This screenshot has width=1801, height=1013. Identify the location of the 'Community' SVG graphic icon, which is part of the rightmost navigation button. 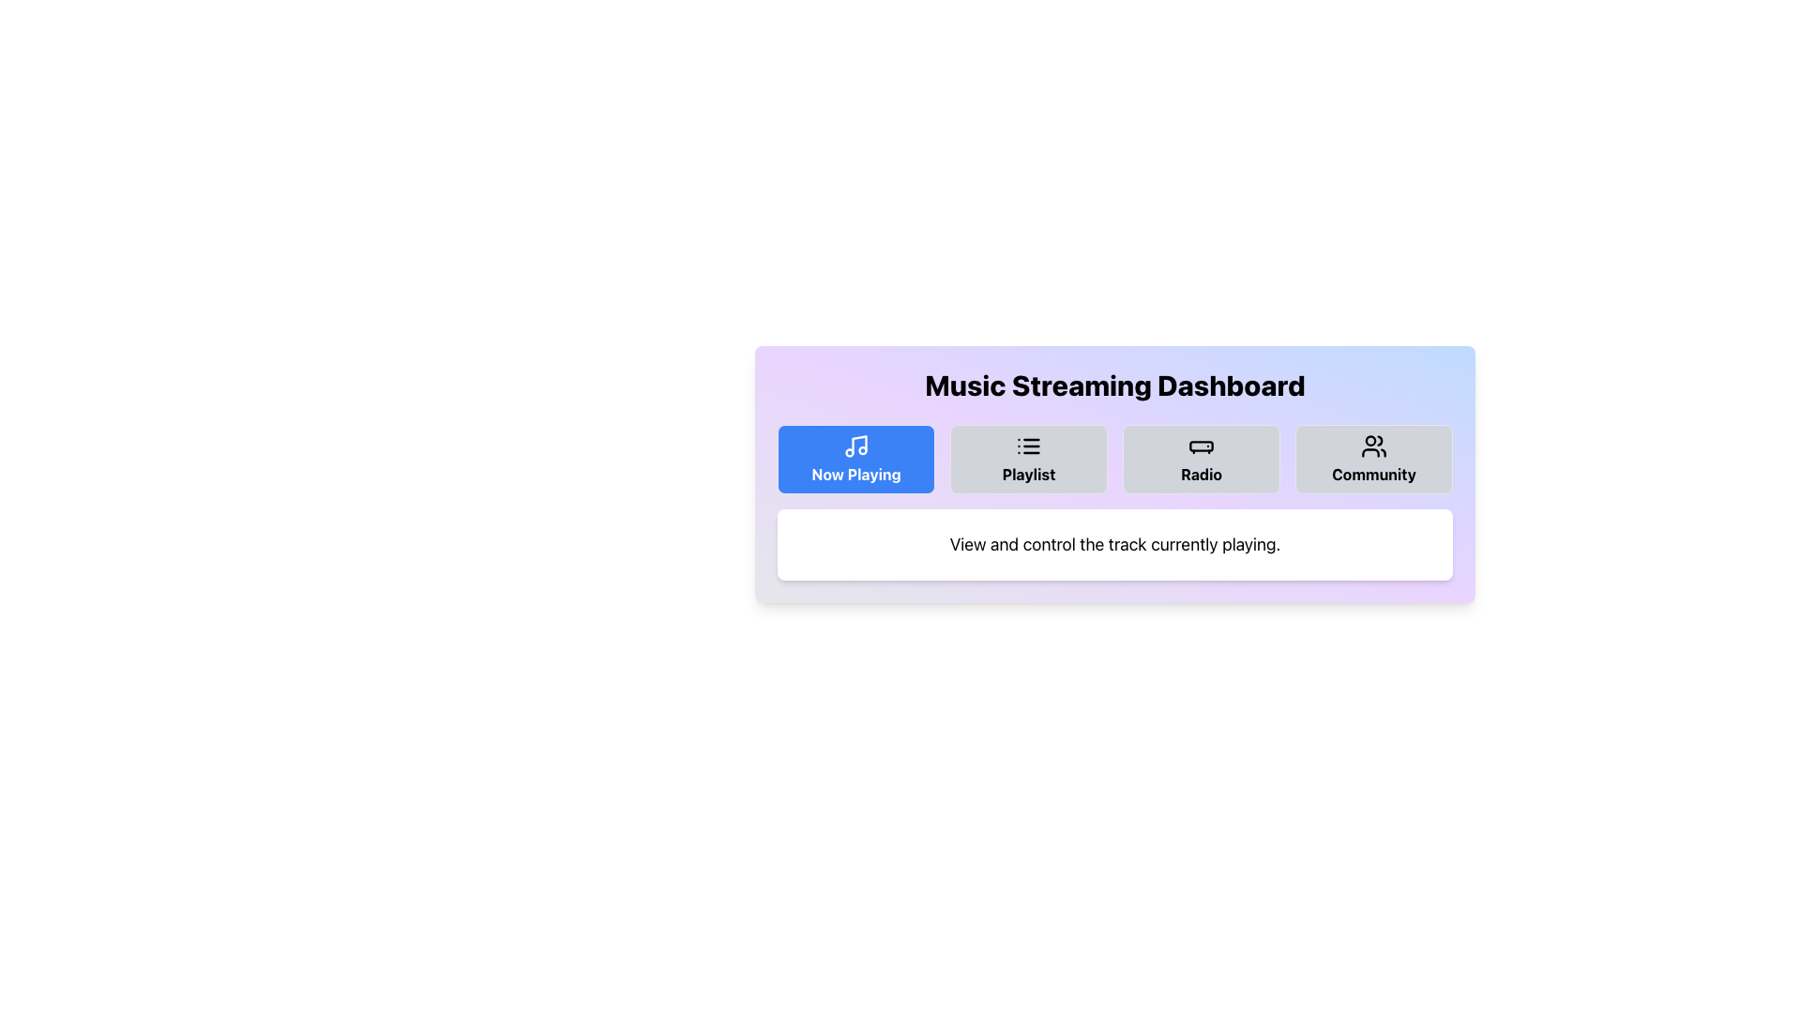
(1373, 446).